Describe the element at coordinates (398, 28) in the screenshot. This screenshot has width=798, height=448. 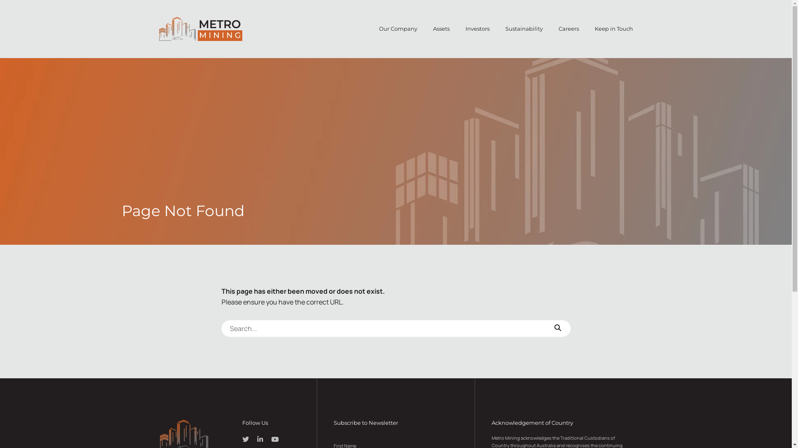
I see `'Our Company'` at that location.